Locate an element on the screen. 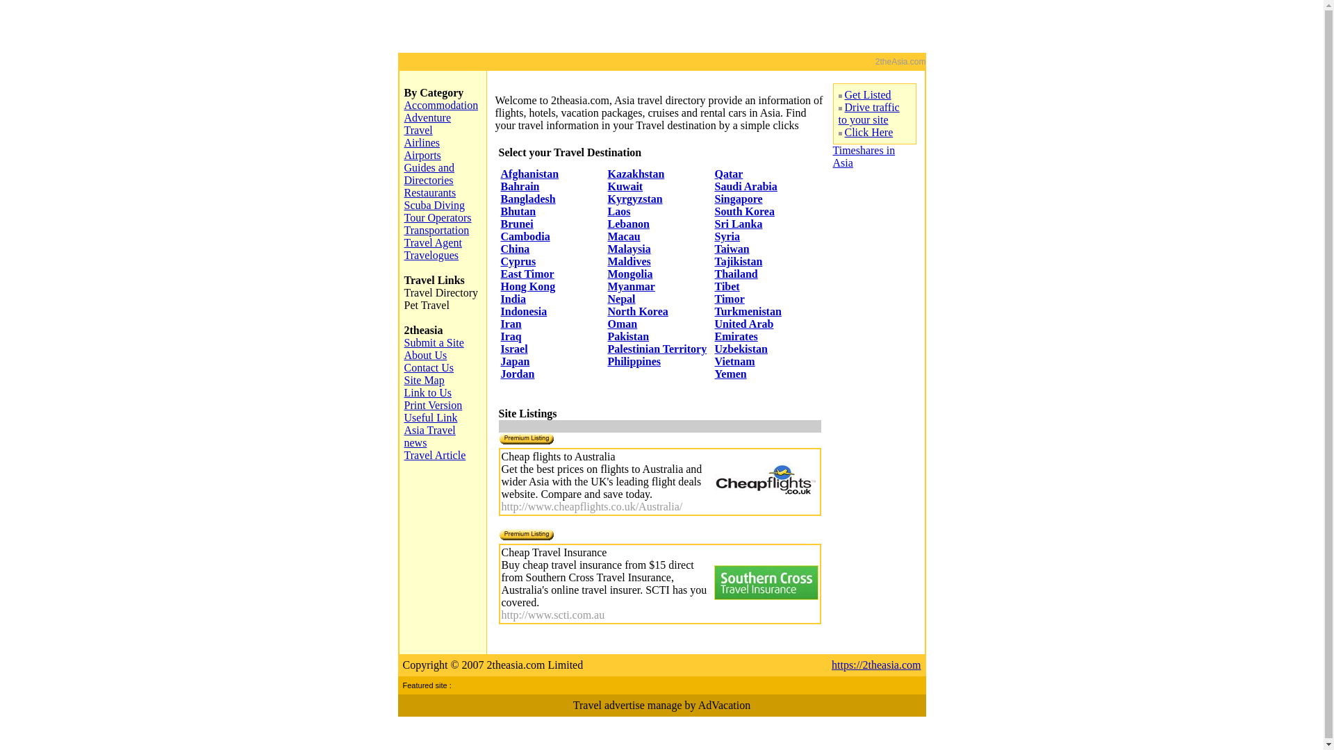 The image size is (1334, 750). 'Adventure Travel' is located at coordinates (427, 123).